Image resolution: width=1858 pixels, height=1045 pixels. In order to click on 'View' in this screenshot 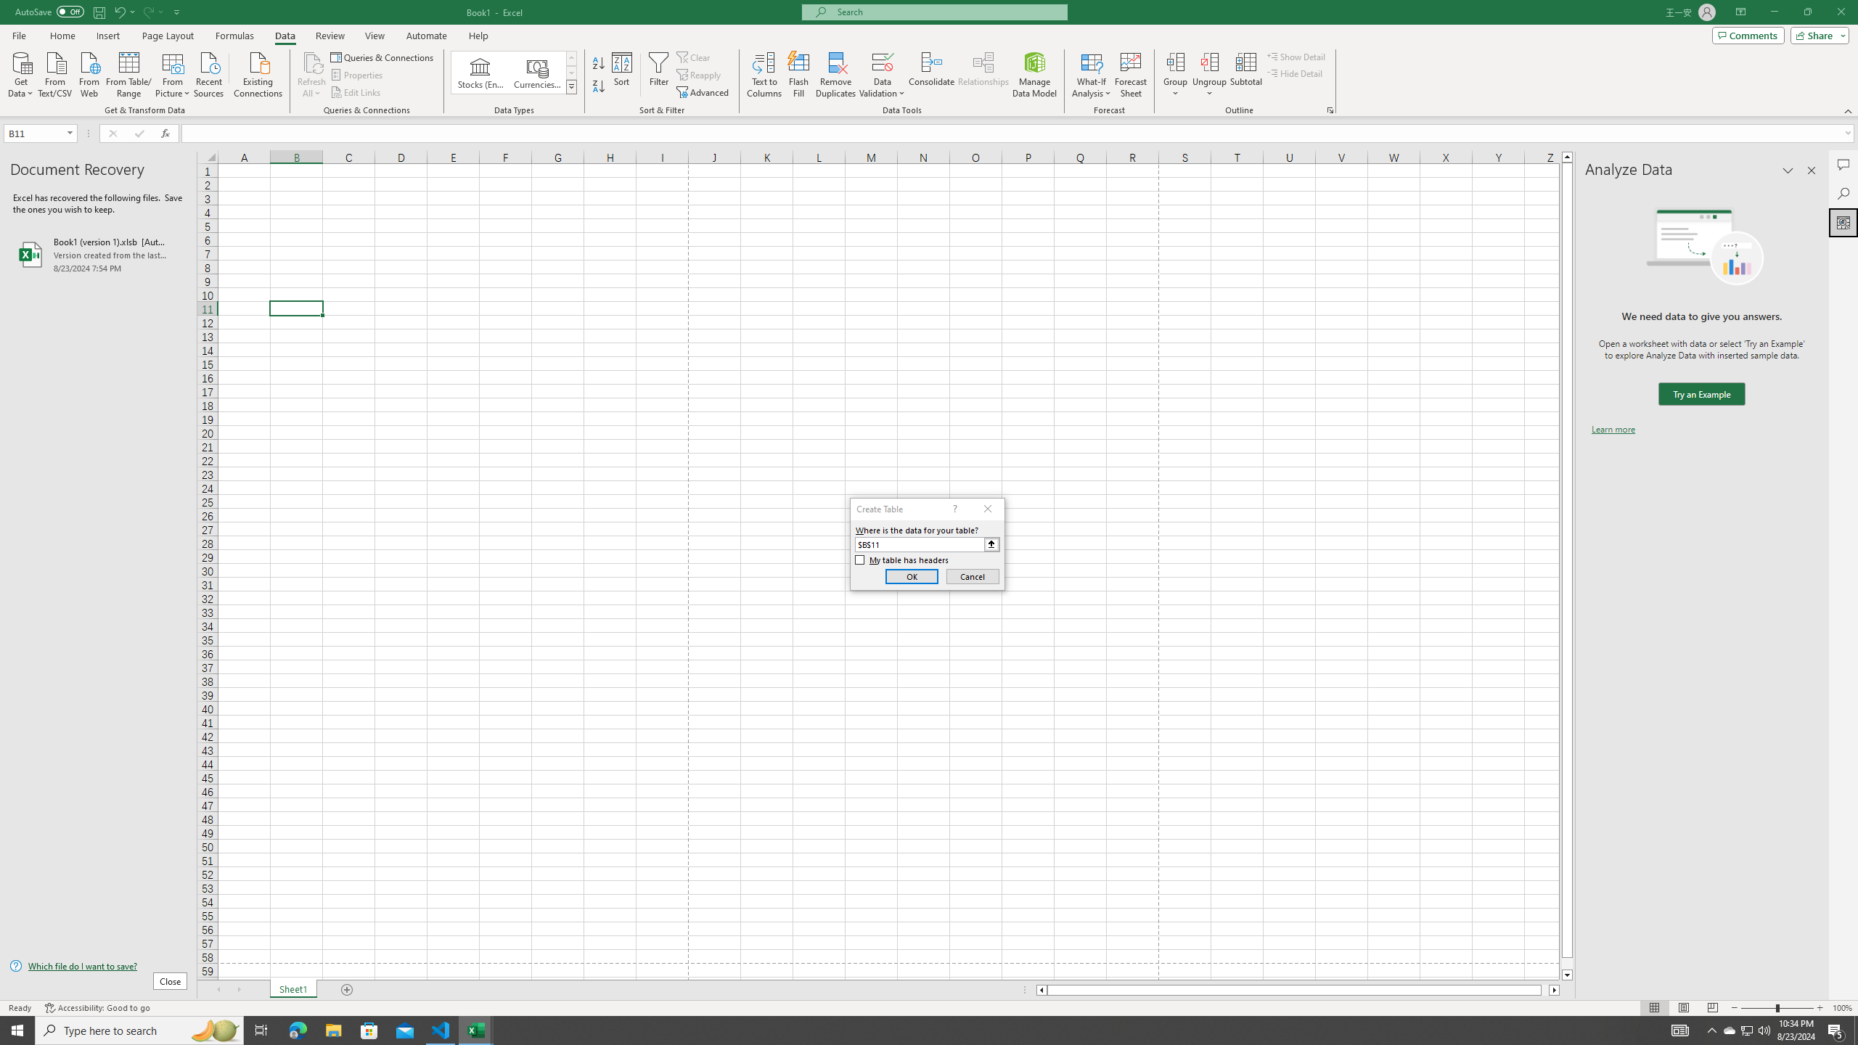, I will do `click(373, 36)`.